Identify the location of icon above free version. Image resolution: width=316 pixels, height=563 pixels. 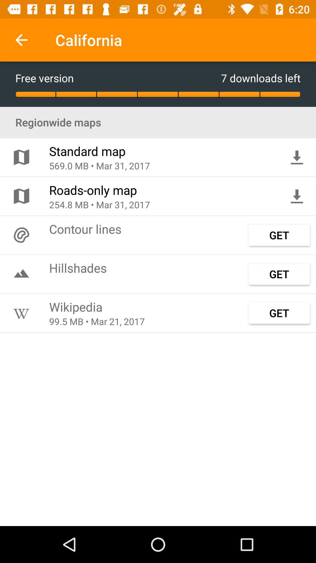
(21, 40).